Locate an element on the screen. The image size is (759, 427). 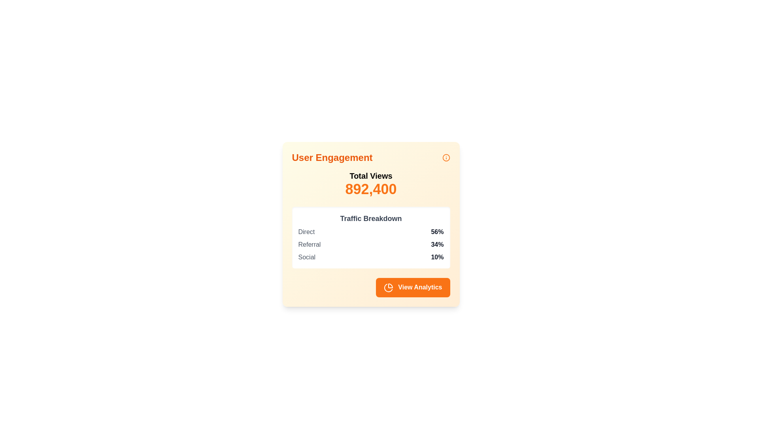
text label that identifies the second category in the 'Traffic Breakdown' section, which is positioned below 'Direct' and above 'Social' is located at coordinates (309, 244).